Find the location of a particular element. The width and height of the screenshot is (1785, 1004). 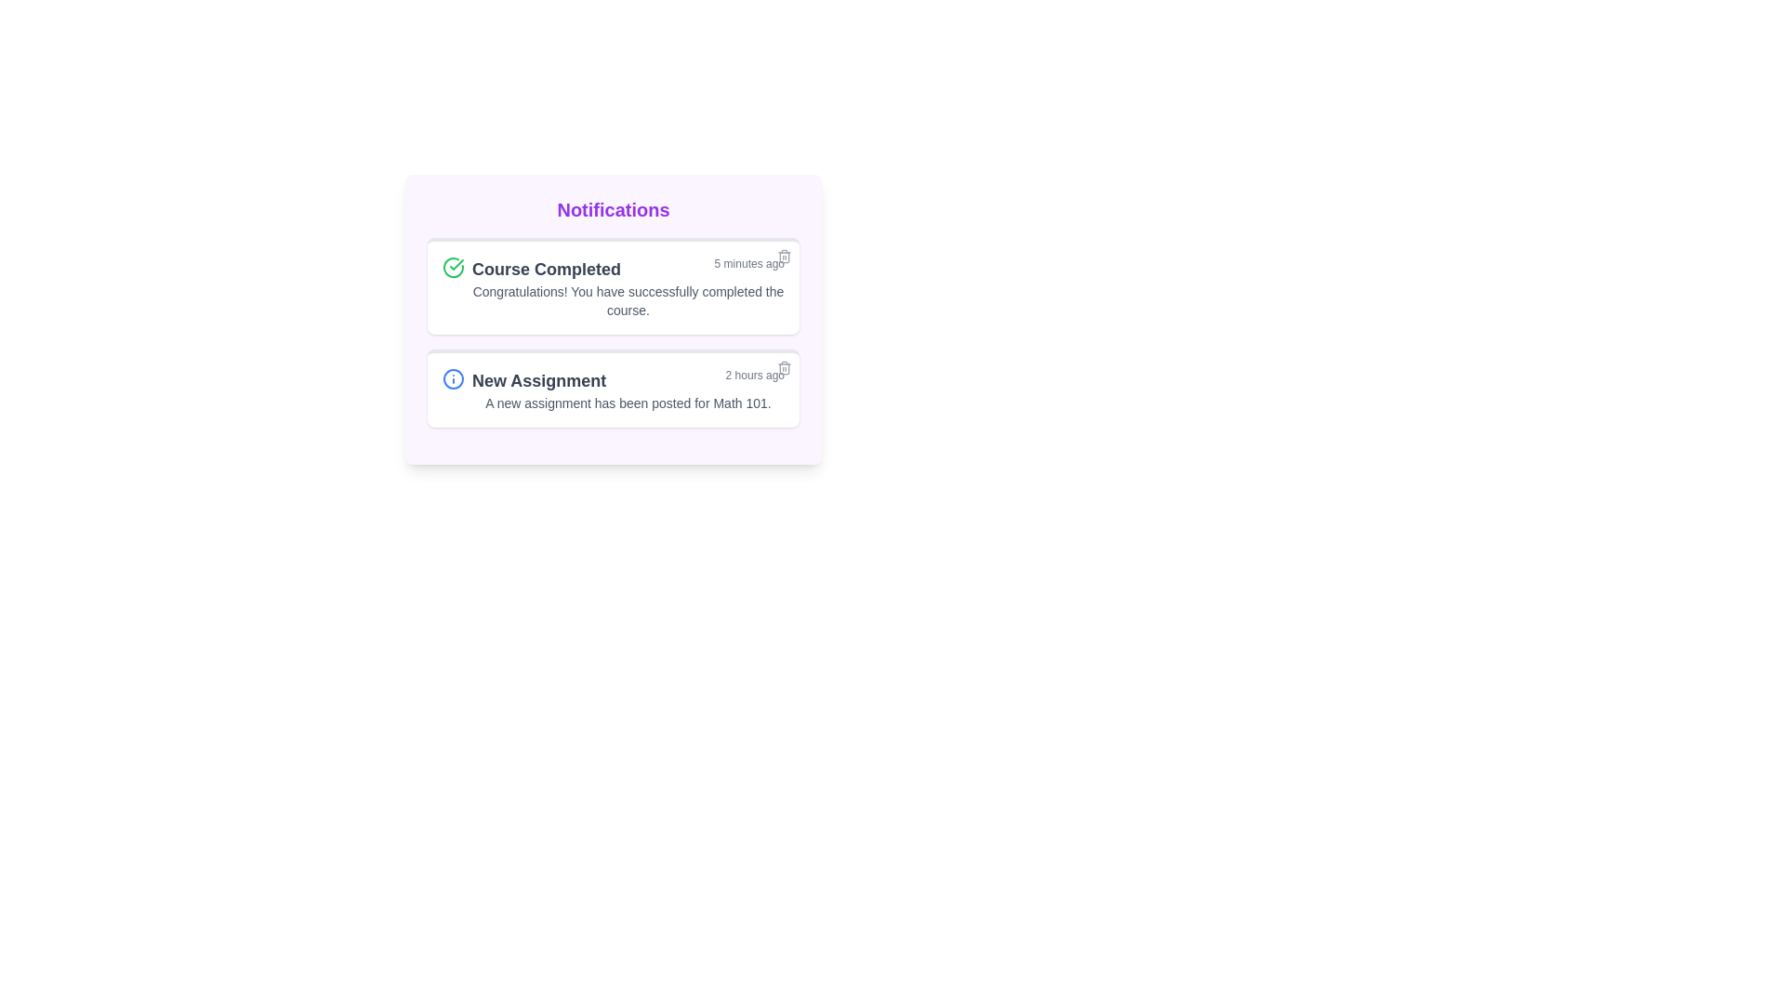

the circular checkmark graphic representing a success status within the notification area of the 'Course Completed' card is located at coordinates (454, 268).